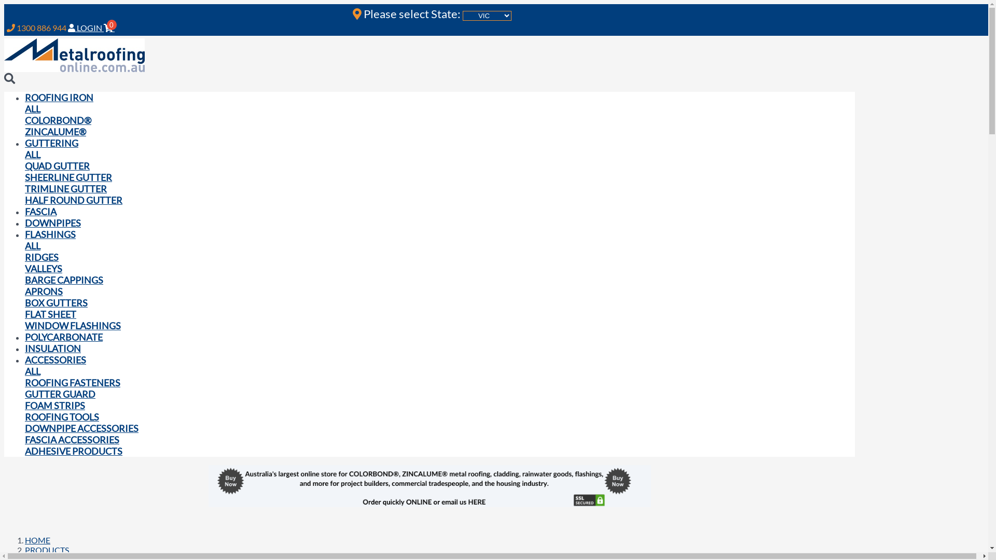 The height and width of the screenshot is (560, 996). Describe the element at coordinates (32, 246) in the screenshot. I see `'ALL'` at that location.